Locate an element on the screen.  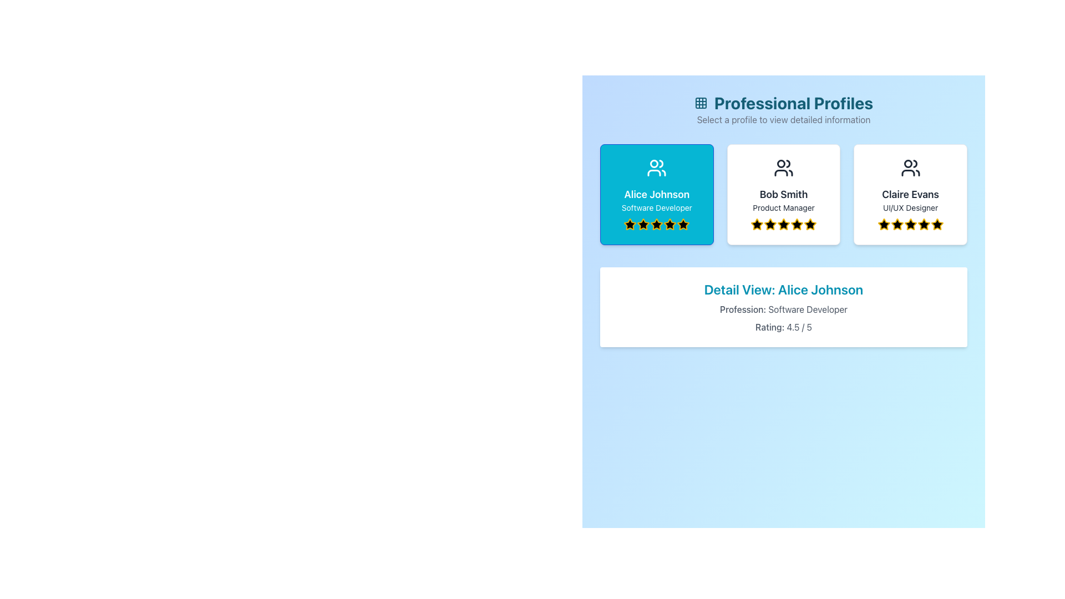
the fifth star icon in the user card for 'Bob Smith - Product Manager', which is styled with a yellow and black fill and represents a rating feature is located at coordinates (810, 225).